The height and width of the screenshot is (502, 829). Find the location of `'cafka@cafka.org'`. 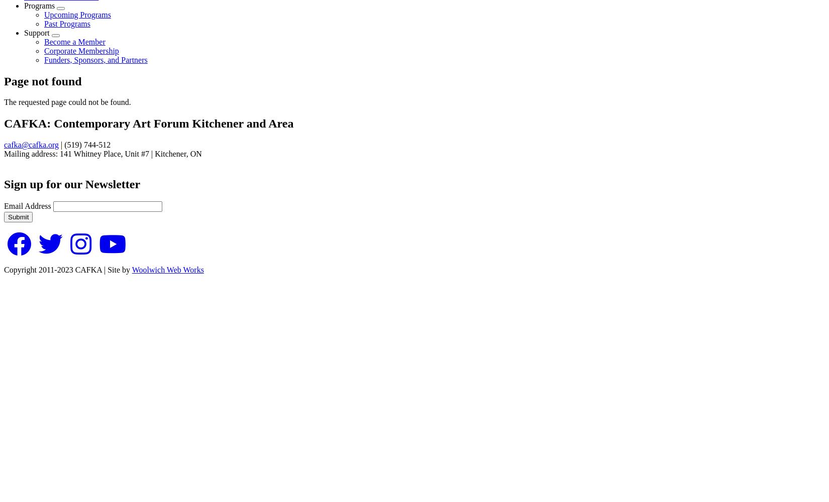

'cafka@cafka.org' is located at coordinates (31, 145).